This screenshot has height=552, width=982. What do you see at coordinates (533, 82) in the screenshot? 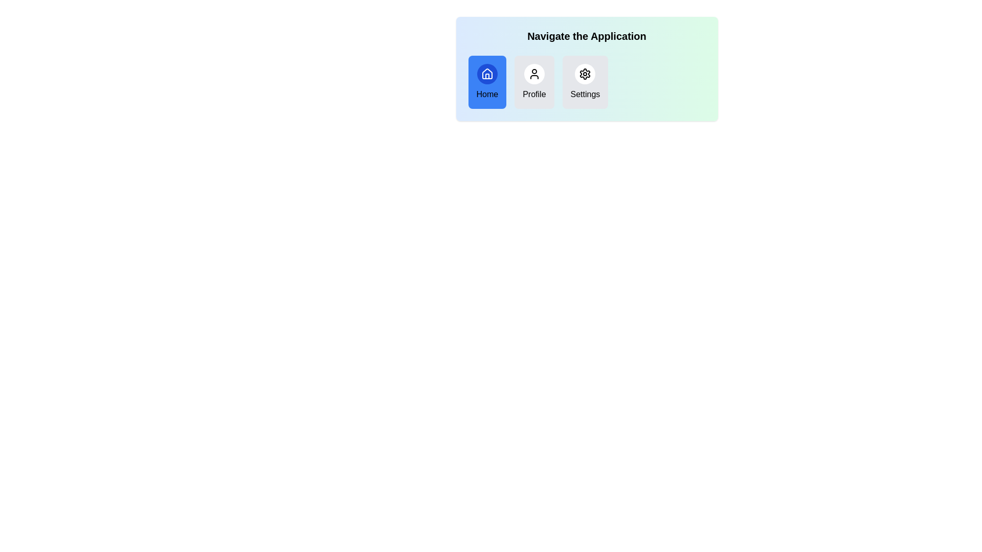
I see `the navigation item Profile` at bounding box center [533, 82].